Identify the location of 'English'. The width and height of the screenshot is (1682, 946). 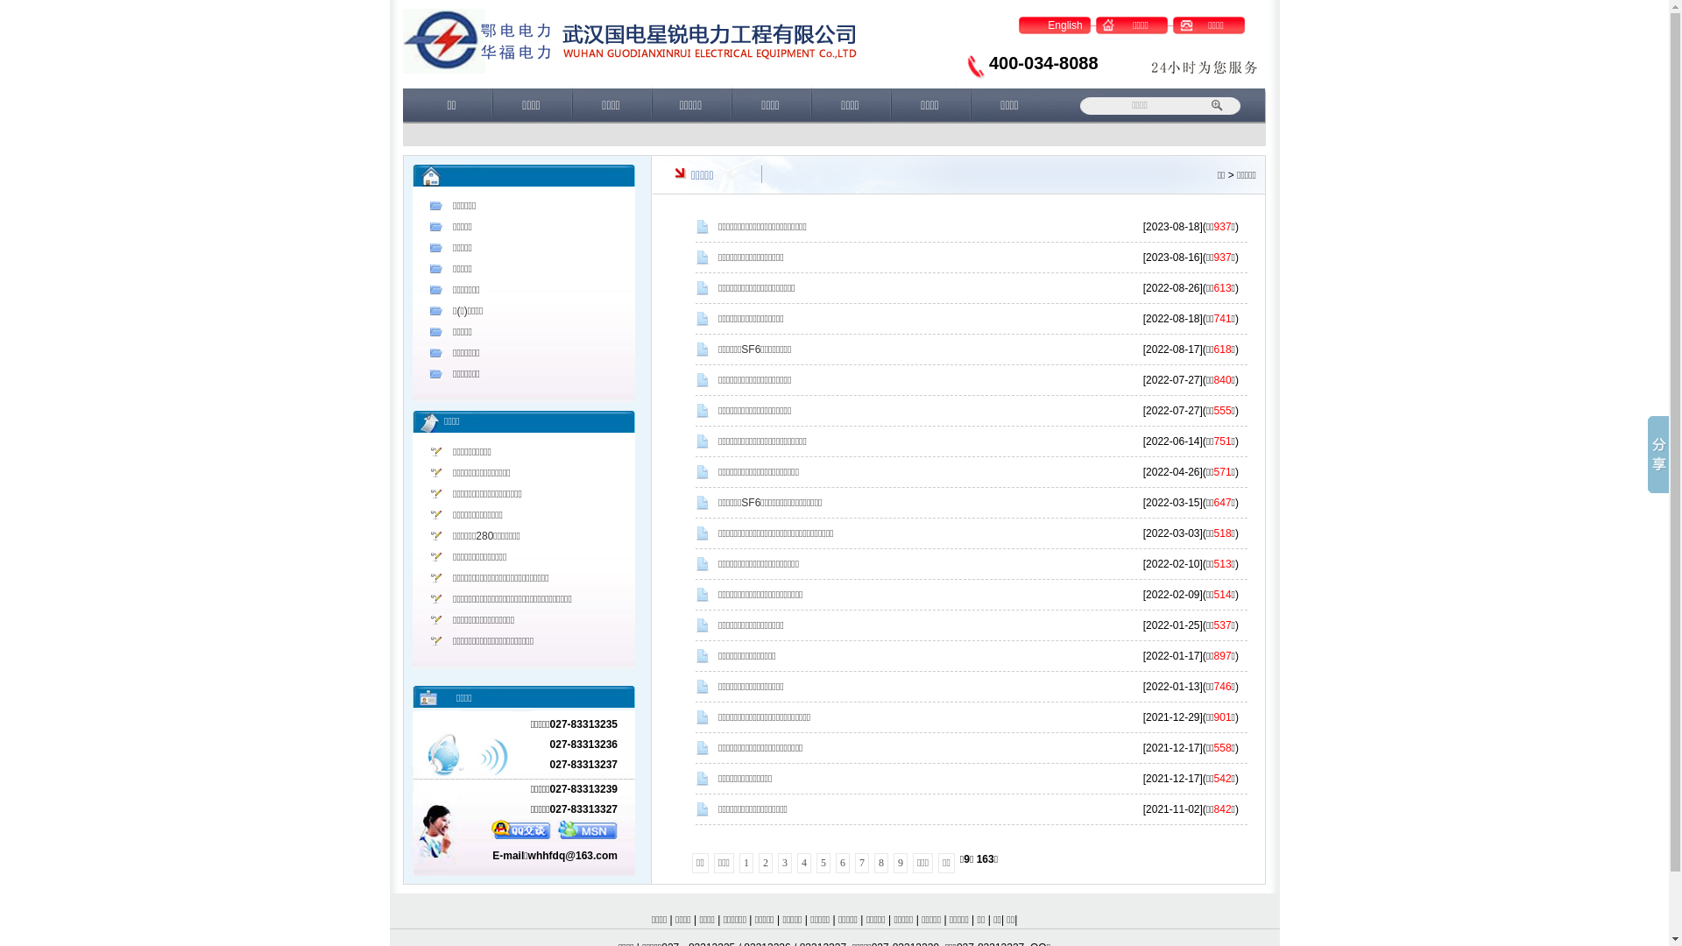
(1064, 25).